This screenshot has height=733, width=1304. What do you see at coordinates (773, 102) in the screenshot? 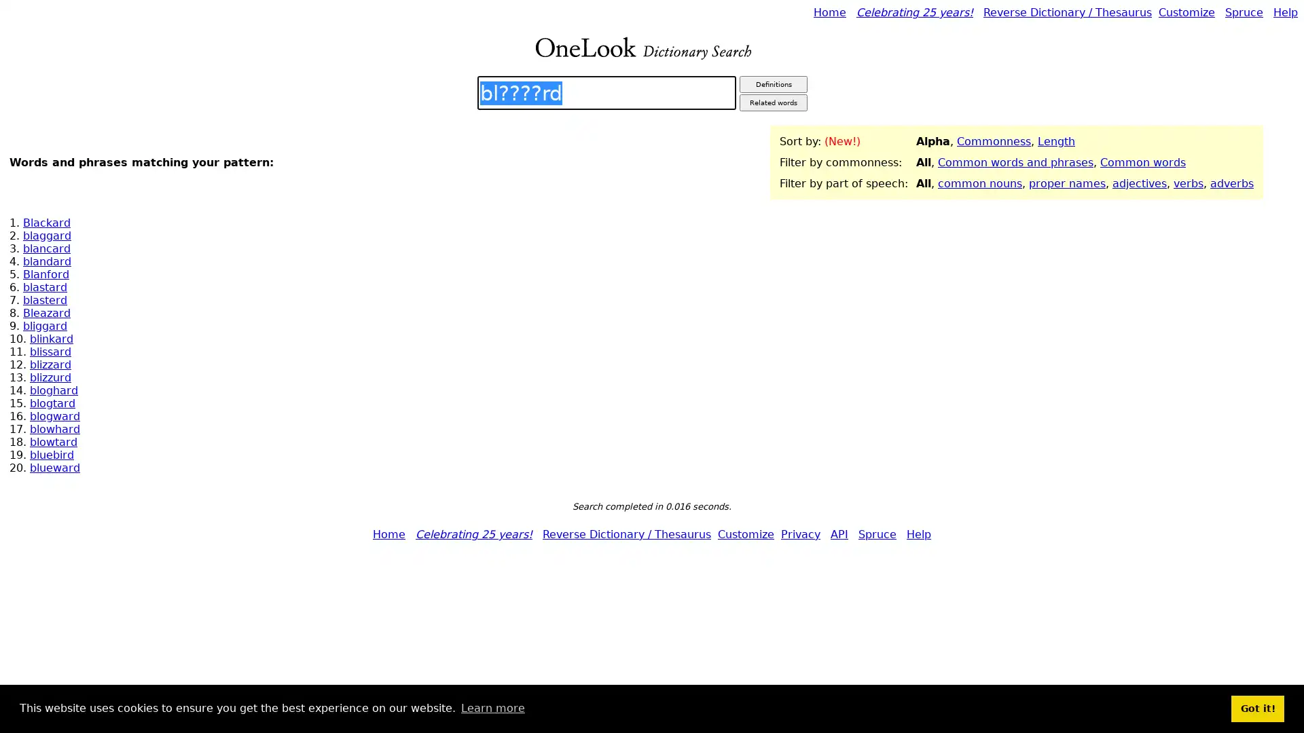
I see `Related words` at bounding box center [773, 102].